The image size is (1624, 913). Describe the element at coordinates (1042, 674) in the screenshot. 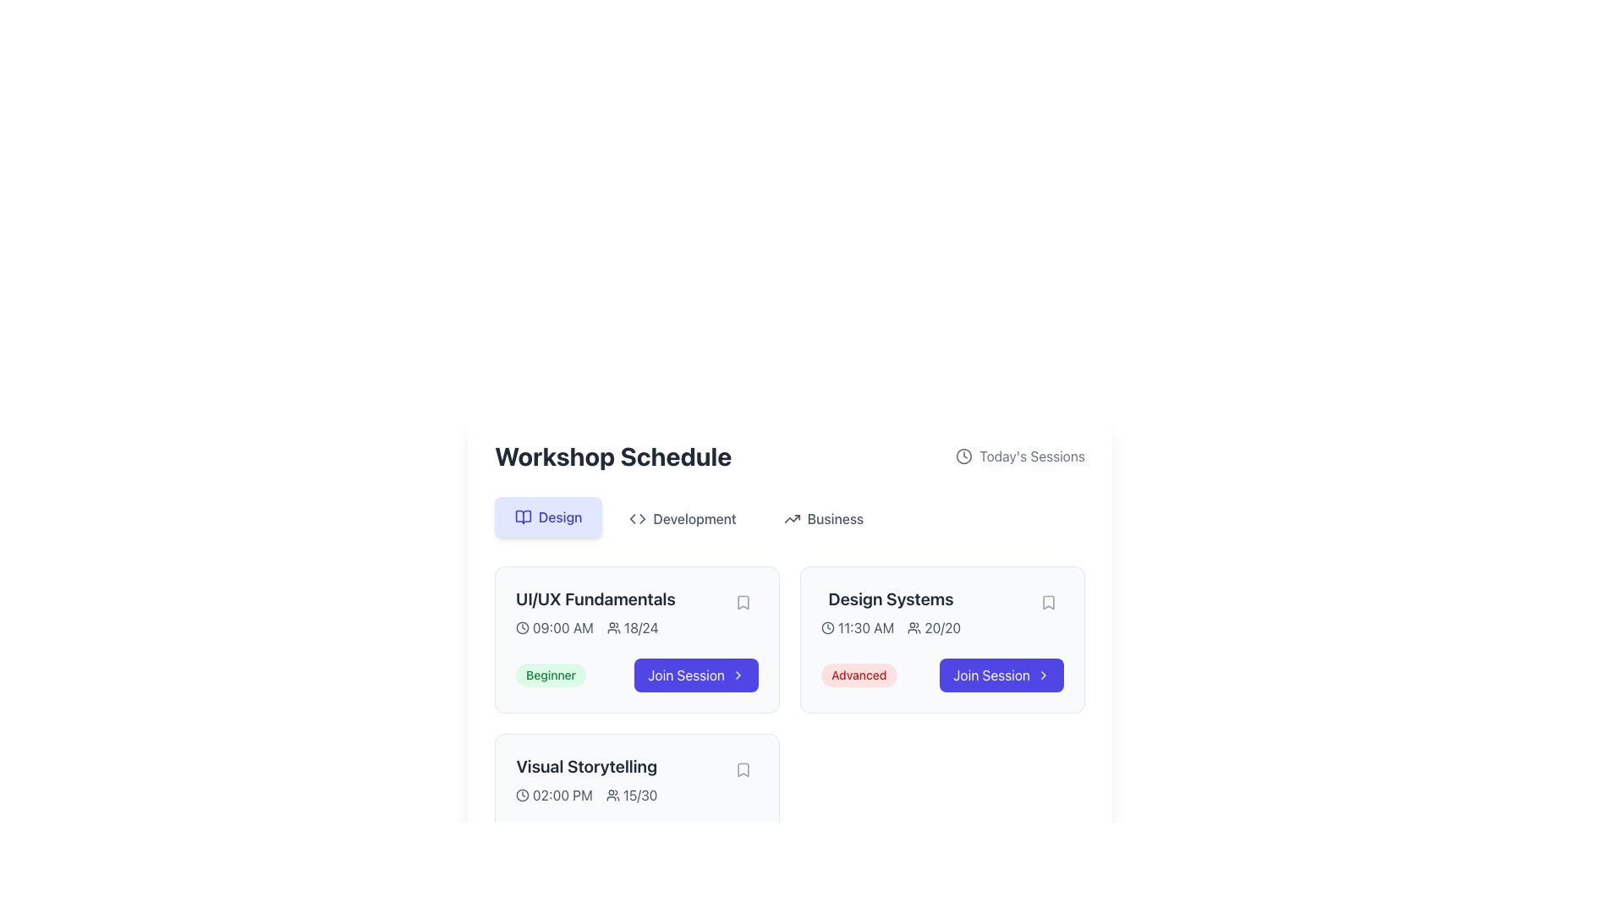

I see `the chevron arrow icon located at the right end of the 'Join Session' button in the 'Design Systems' session card` at that location.